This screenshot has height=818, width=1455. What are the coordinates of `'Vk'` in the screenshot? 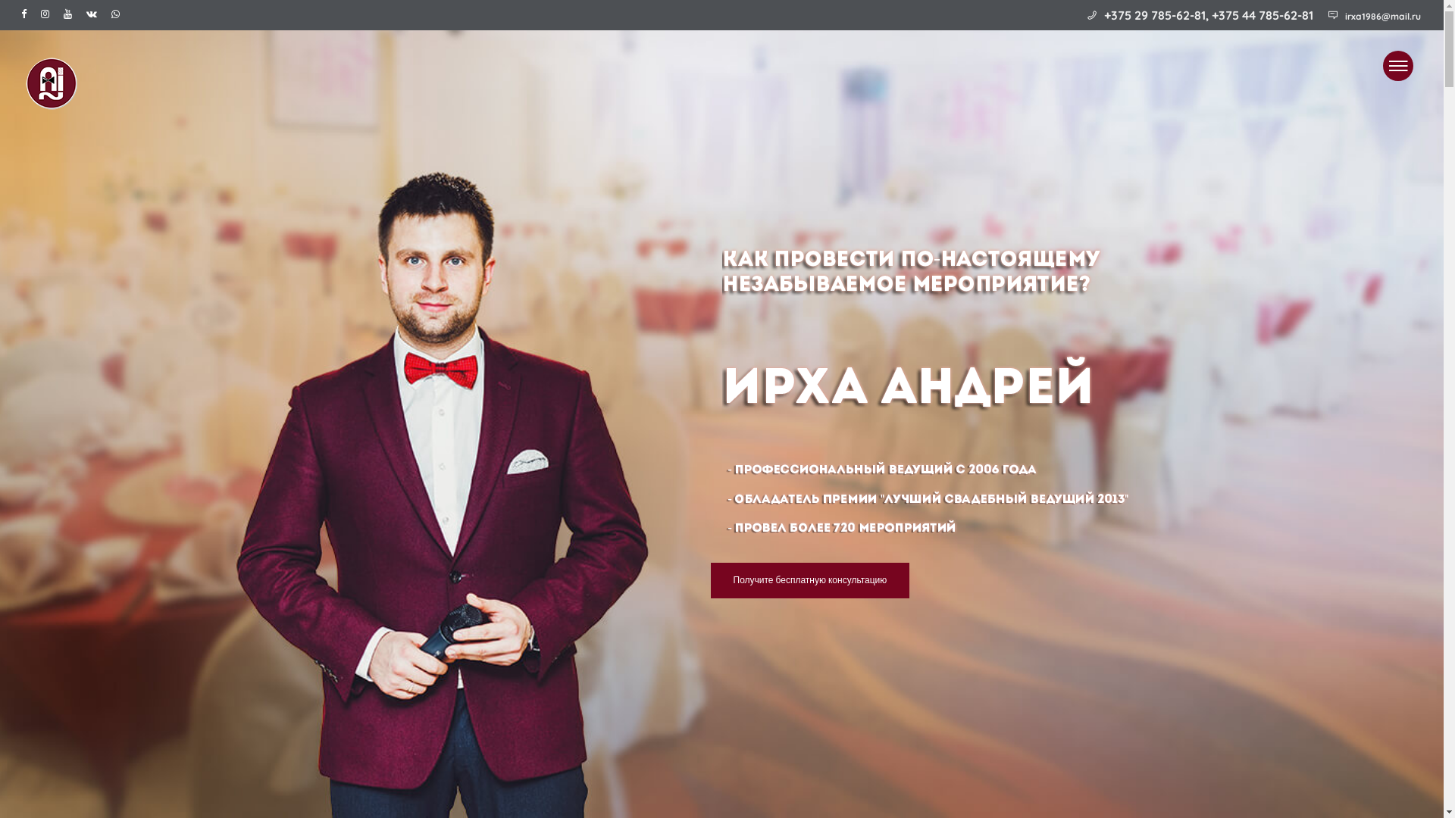 It's located at (94, 13).